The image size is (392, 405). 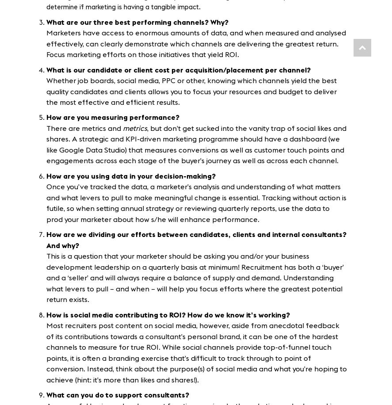 I want to click on 'Most recruiters post content on social media, however, aside from anecdotal feedback of its contributions towards a consultant’s personal brand, it can be one of the hardest channels to measure for true ROI. While social channels provide top-of-funnel touch points, it is often a branding exercise that’s difficult to track through to point of conversion. Instead, think about the purpose(s) of social media and what you’re hoping to achieve (hint: it’s more than likes and shares!).', so click(x=196, y=352).